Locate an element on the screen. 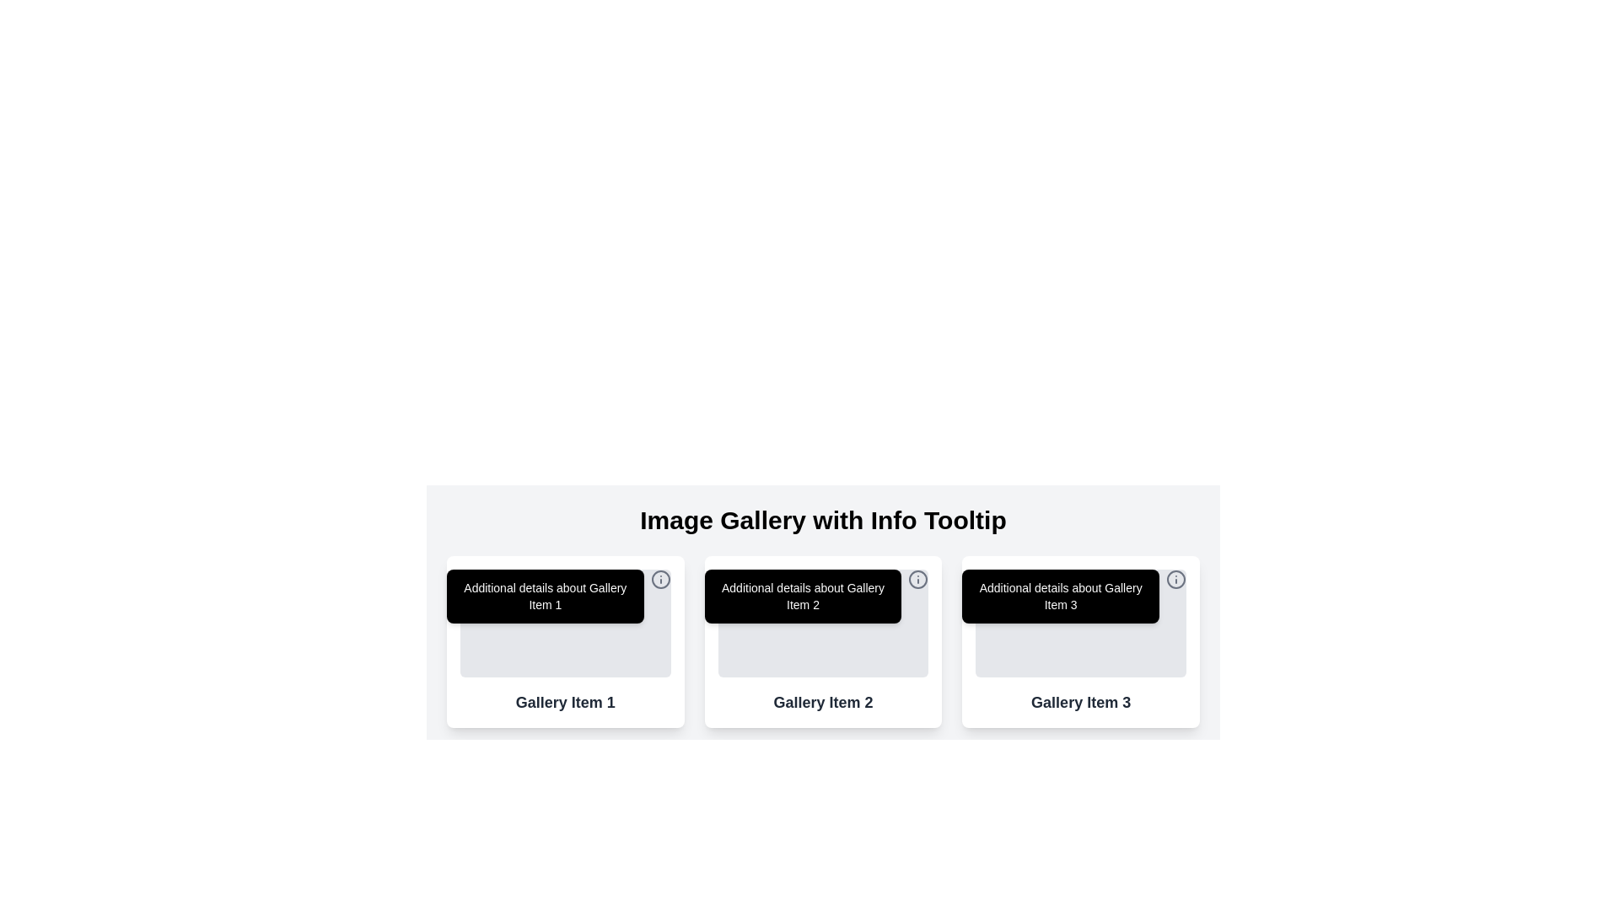  the information icon with an 'i' symbol located in the top-right corner of the card for 'Gallery Item 1' is located at coordinates (659, 578).